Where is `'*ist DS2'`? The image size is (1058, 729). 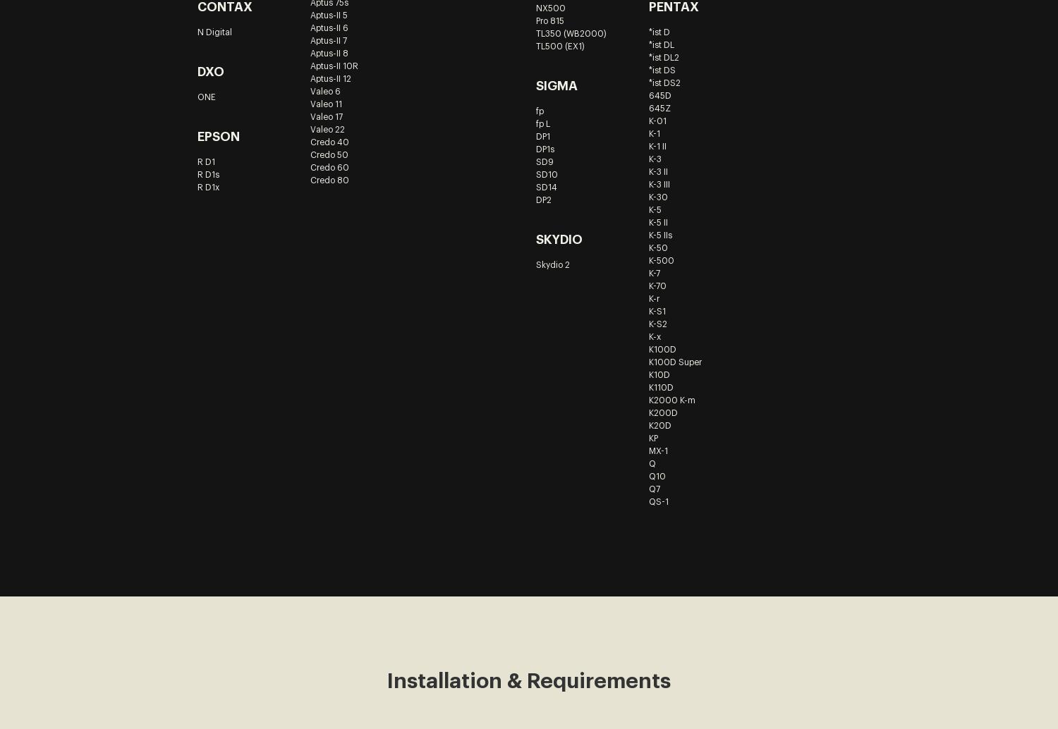
'*ist DS2' is located at coordinates (663, 82).